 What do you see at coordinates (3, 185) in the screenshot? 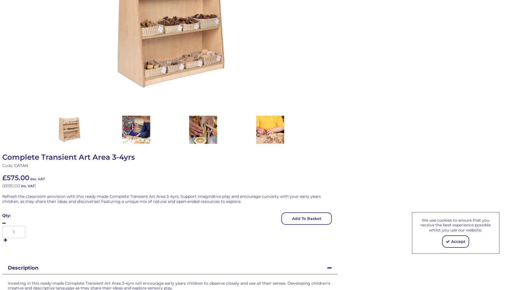
I see `'£690.00'` at bounding box center [3, 185].